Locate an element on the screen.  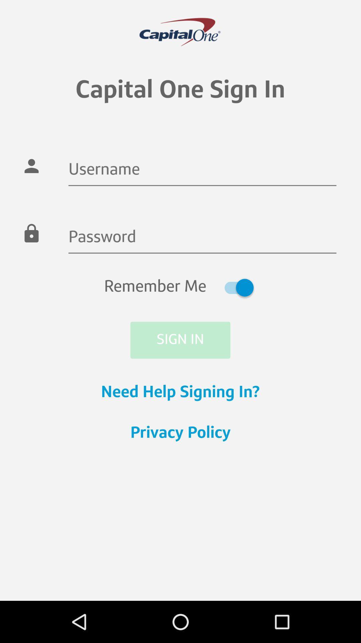
the item above the remember me item is located at coordinates (202, 238).